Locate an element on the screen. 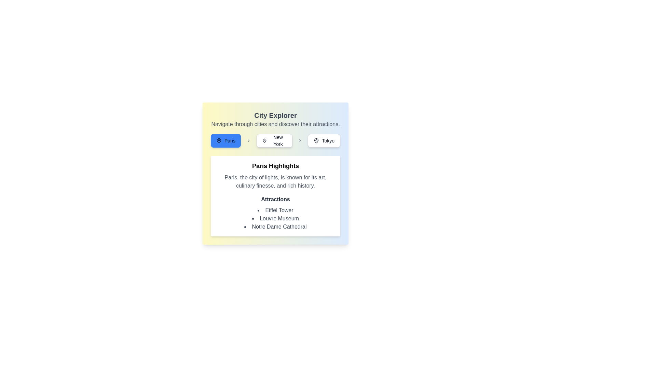 The width and height of the screenshot is (656, 369). the Paris location pin icon in the City Explorer navigation list to focus/select it is located at coordinates (219, 140).